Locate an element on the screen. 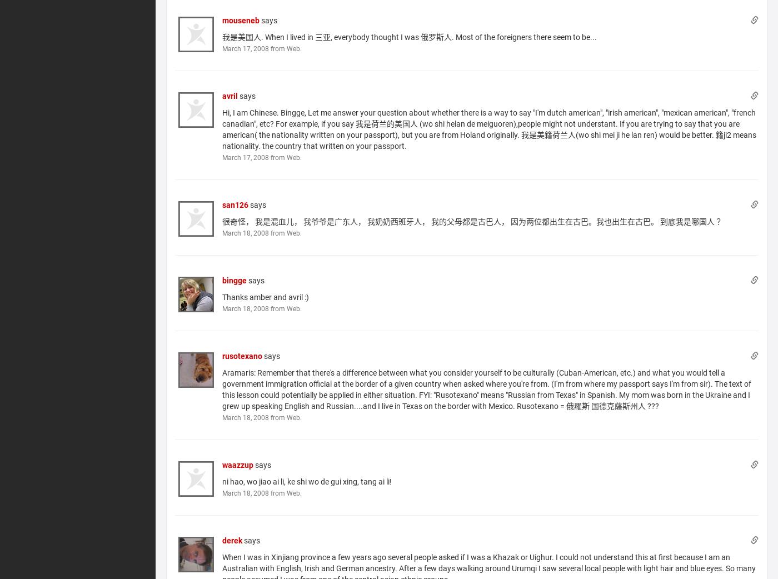  'Hi, I am Chinese.  Bingge, Let me answer your question about whether there is a way to say "I'm dutch american", "irish american", "mexican american", "french canadian", etc?
For example, if you say 我是荷兰的美国人 (wo shi helan de meiguoren),people might not understant.    

If you are trying to say that you are american( the nationality written on your passport), but you are from Holand originally.  我是美籍荷兰人(wo shi mei ji he lan ren) would be better. 籍ji2 means nationality. the country that written on your passport.' is located at coordinates (489, 128).